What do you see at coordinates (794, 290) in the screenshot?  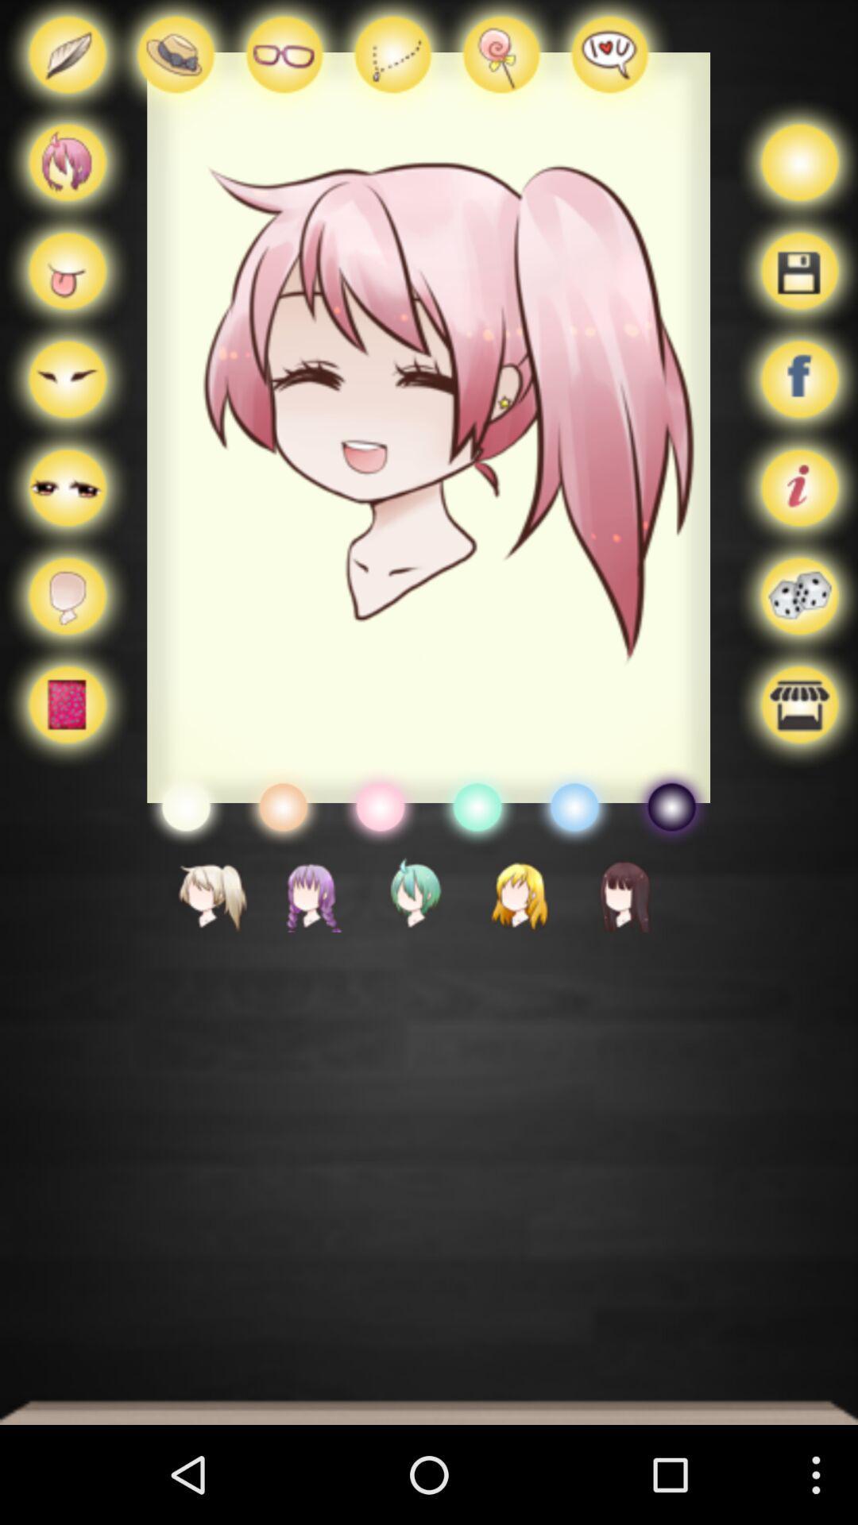 I see `the save icon` at bounding box center [794, 290].